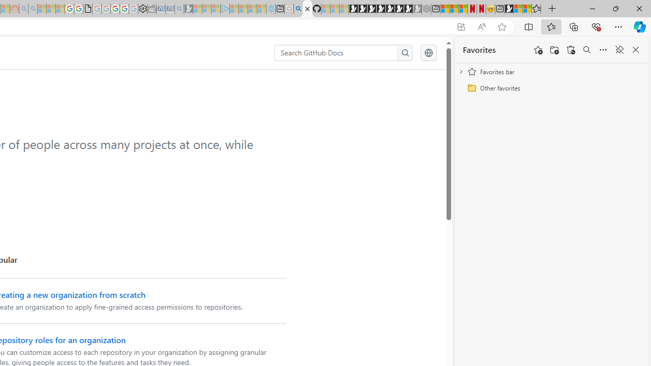  What do you see at coordinates (635, 50) in the screenshot?
I see `'Close favorites'` at bounding box center [635, 50].